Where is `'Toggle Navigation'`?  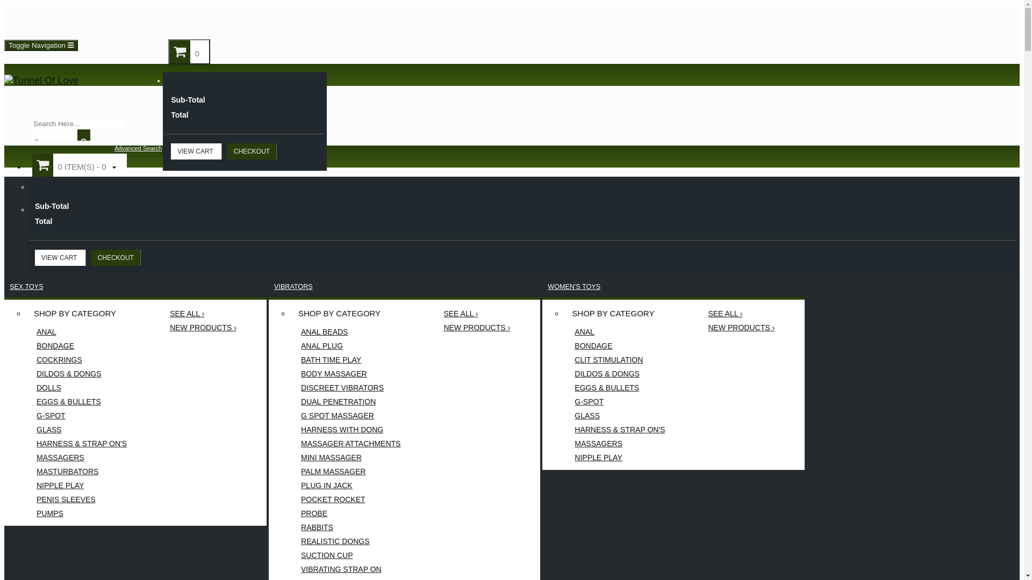 'Toggle Navigation' is located at coordinates (4, 45).